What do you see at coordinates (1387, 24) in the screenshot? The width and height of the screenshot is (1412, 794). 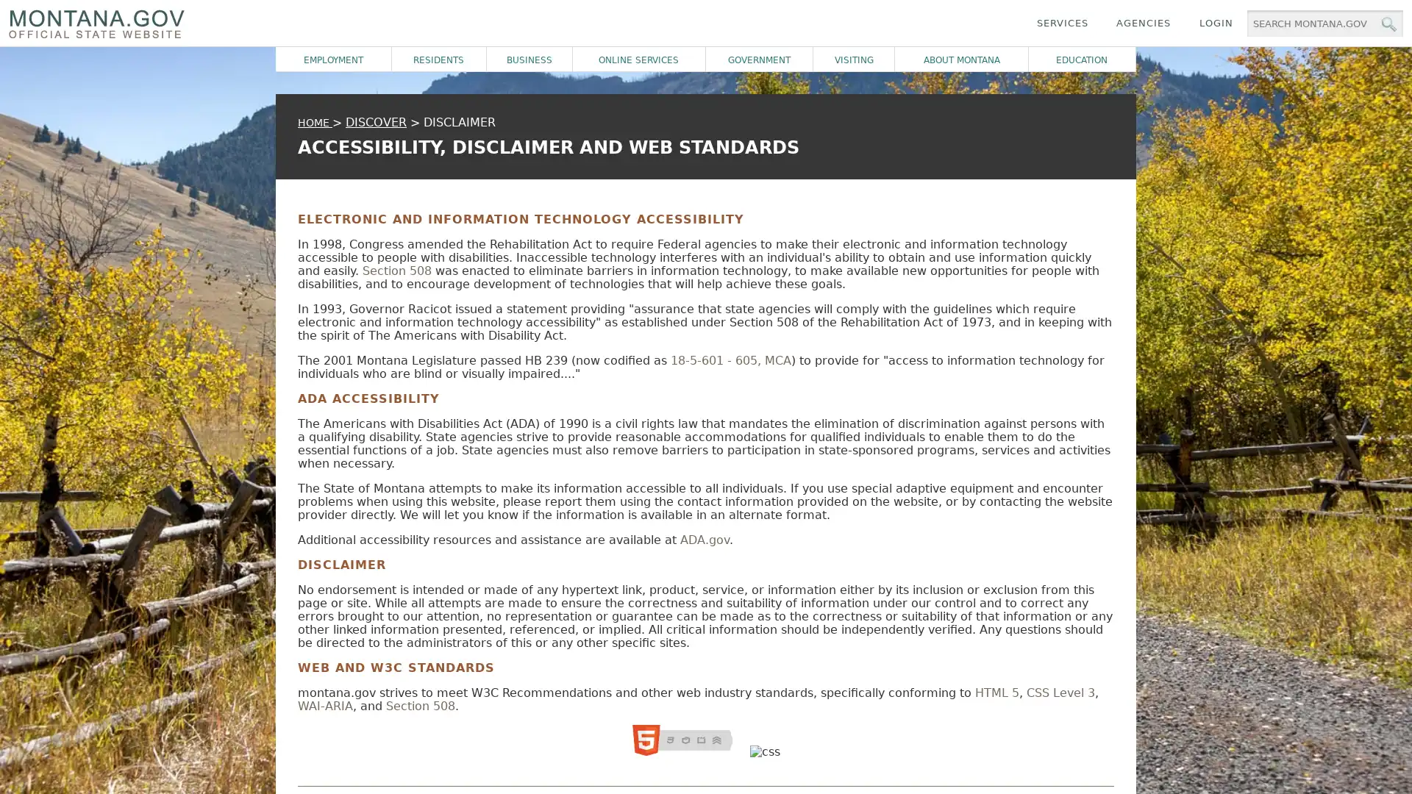 I see `MT.gov Search Button` at bounding box center [1387, 24].